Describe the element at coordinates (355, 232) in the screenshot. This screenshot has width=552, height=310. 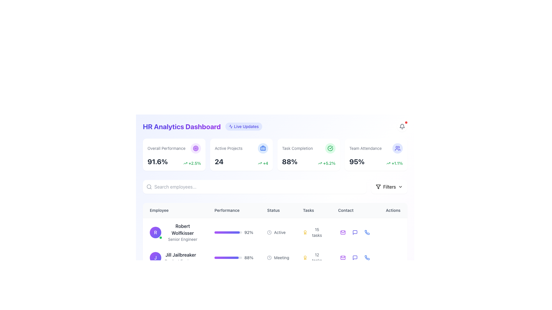
I see `the indigo speech bubble icon button, which is the second icon in the row of three under the 'Contact' column for employee Robert Wolfkisser, to initiate a chat` at that location.